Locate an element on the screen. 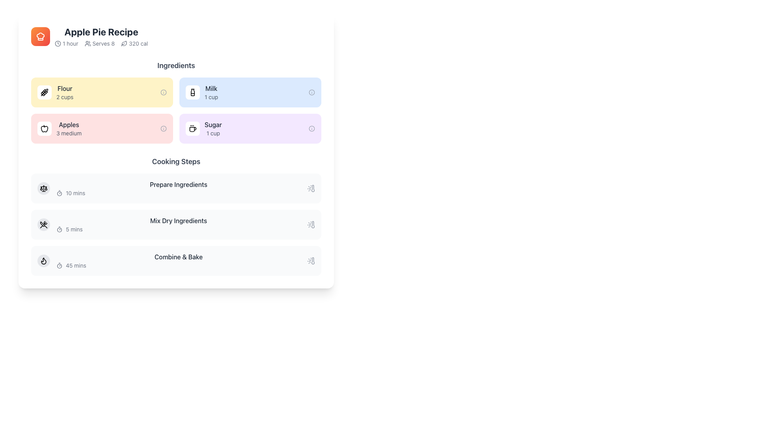  the SVG icon representing 'Sugar' in the Ingredients section of the interface is located at coordinates (193, 129).